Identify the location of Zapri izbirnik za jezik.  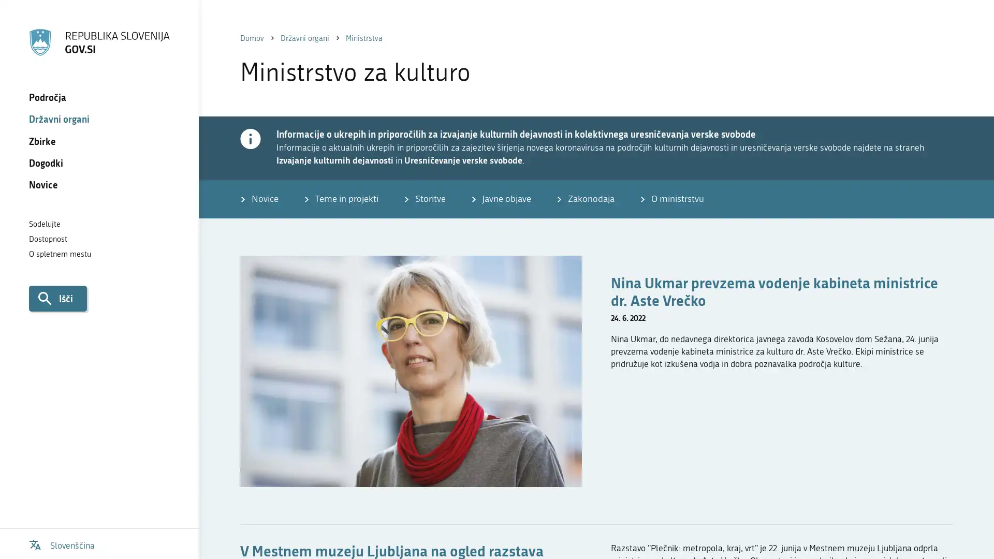
(963, 25).